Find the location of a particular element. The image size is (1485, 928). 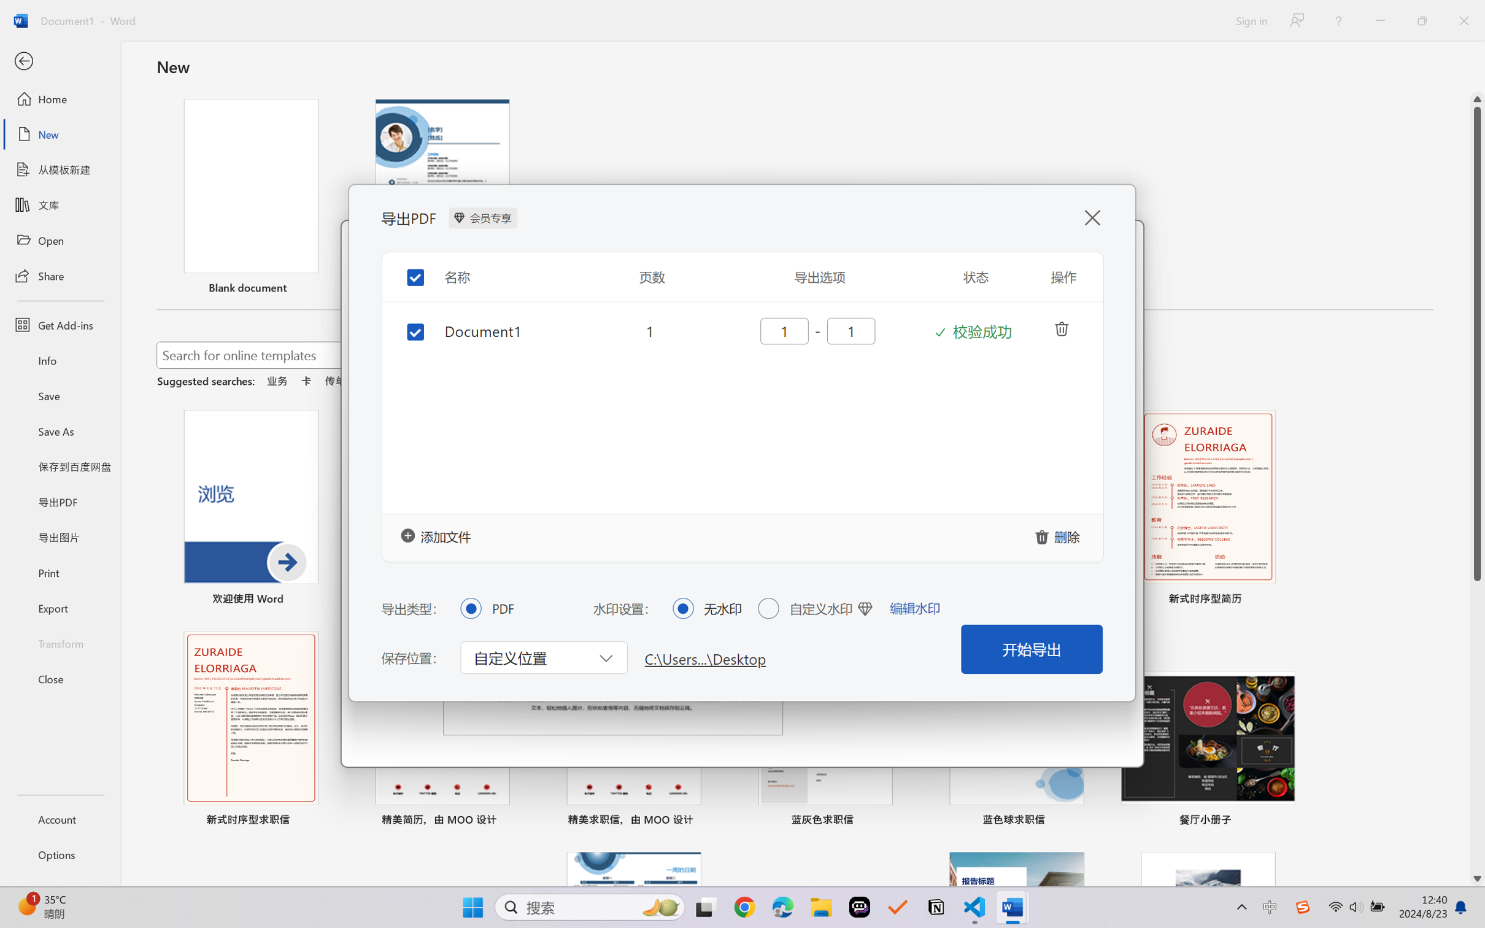

'select row' is located at coordinates (406, 322).